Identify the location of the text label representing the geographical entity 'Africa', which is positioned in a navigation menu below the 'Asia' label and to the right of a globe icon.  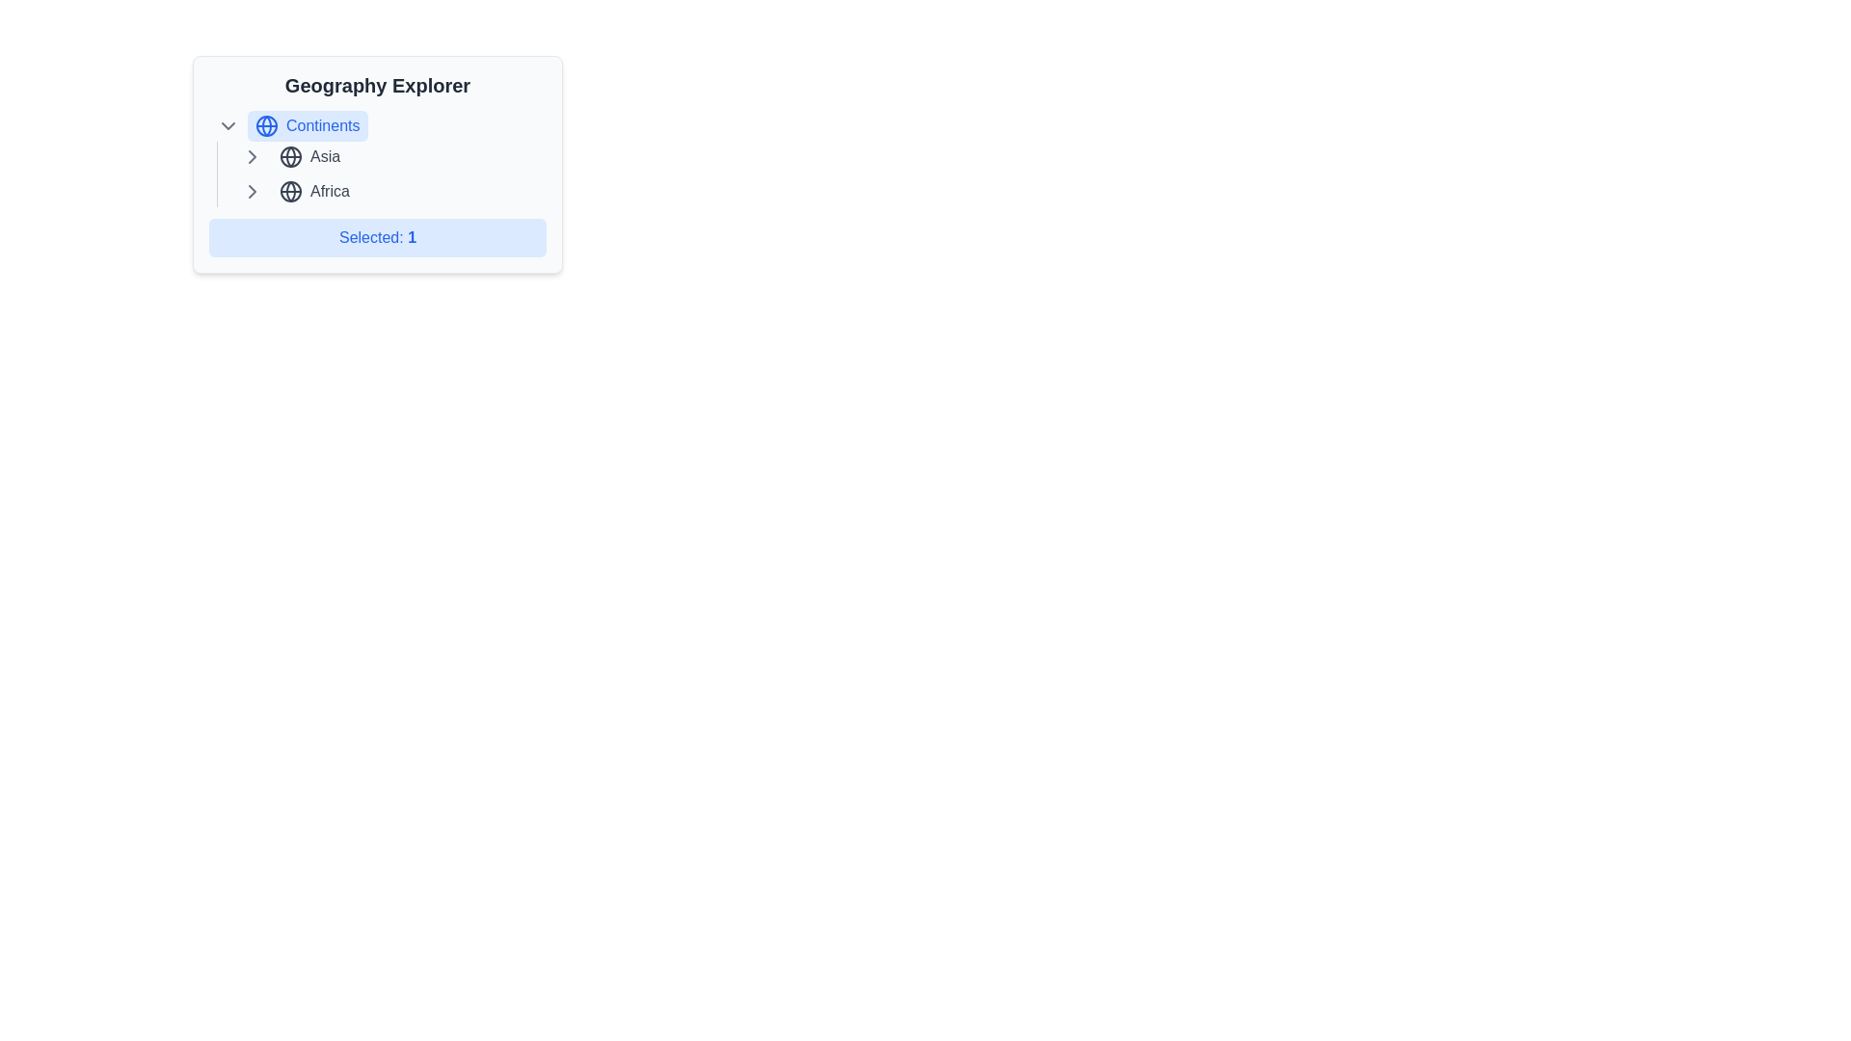
(330, 192).